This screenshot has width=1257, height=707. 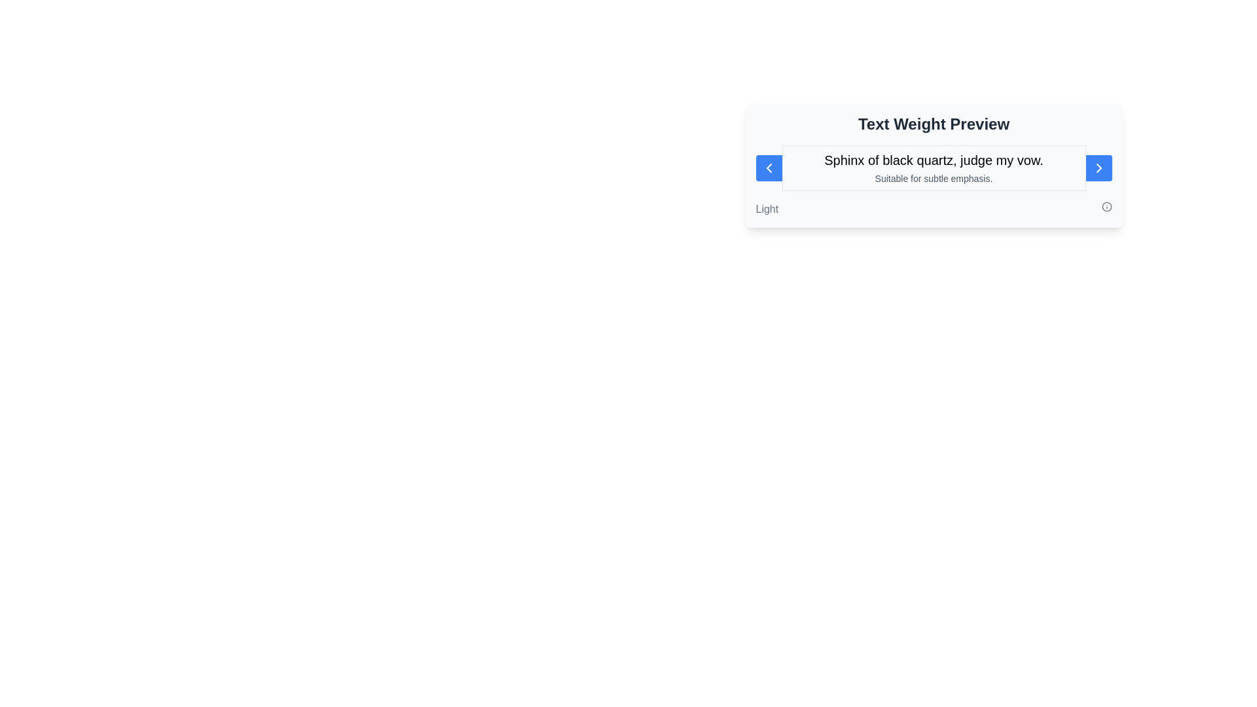 I want to click on the blue rectangular button with rounded right corners and a white rightward arrow icon at its center, located at the far right of the 'Text Weight Preview' box, so click(x=1099, y=168).